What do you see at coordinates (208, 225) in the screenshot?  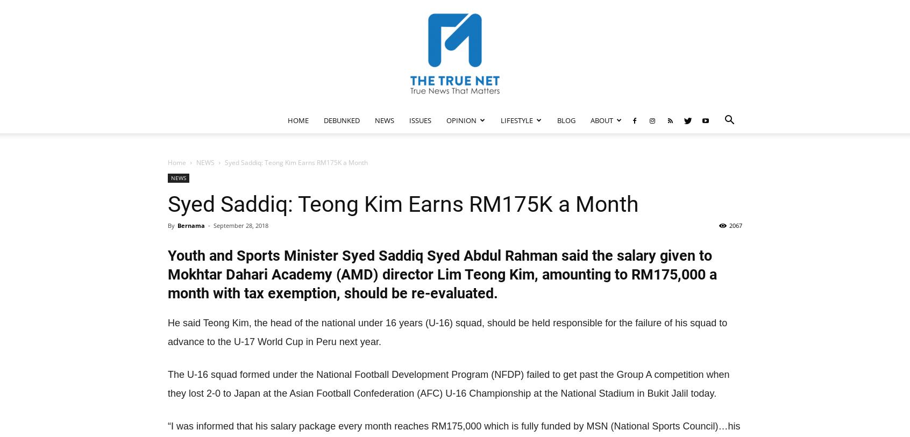 I see `'-'` at bounding box center [208, 225].